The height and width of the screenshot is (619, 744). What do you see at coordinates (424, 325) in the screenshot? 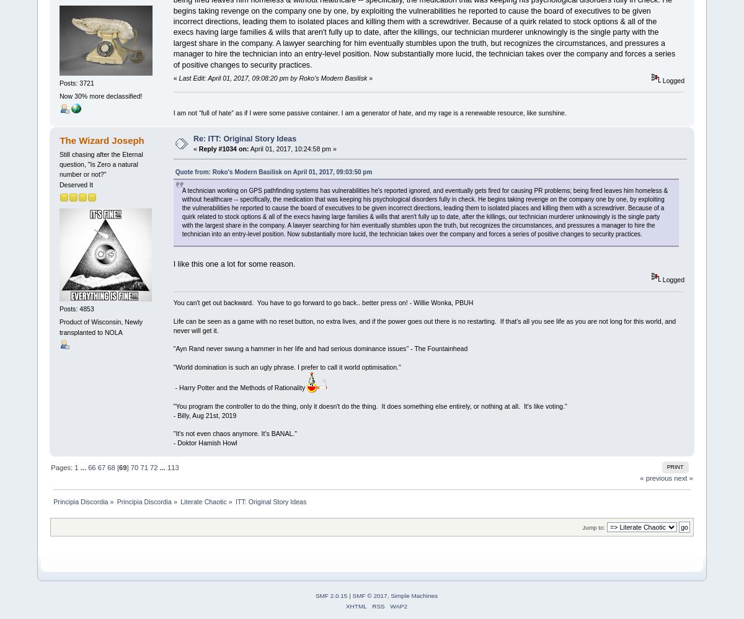
I see `'Life can be seen as a game with no reset button, no extra lives, and if the power goes out there is no restarting.  If that's all you see life as you are not long for this world, and never will get it.'` at bounding box center [424, 325].